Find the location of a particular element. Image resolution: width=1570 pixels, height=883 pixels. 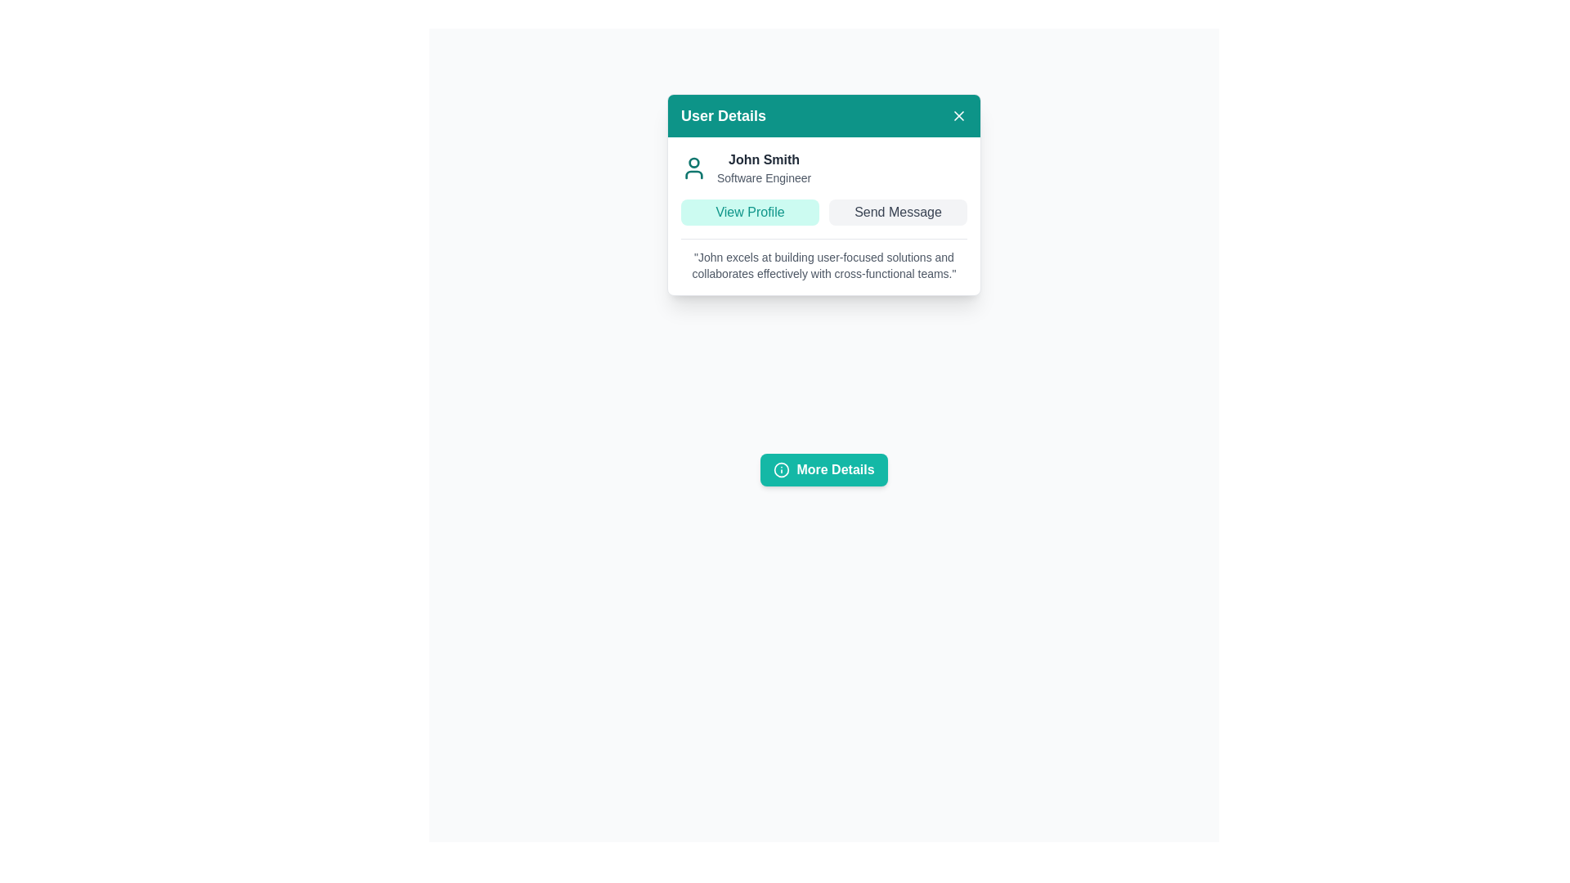

the text block displaying 'John Smith' and 'Software Engineer' inside the 'User Details' panel to select the text is located at coordinates (763, 168).